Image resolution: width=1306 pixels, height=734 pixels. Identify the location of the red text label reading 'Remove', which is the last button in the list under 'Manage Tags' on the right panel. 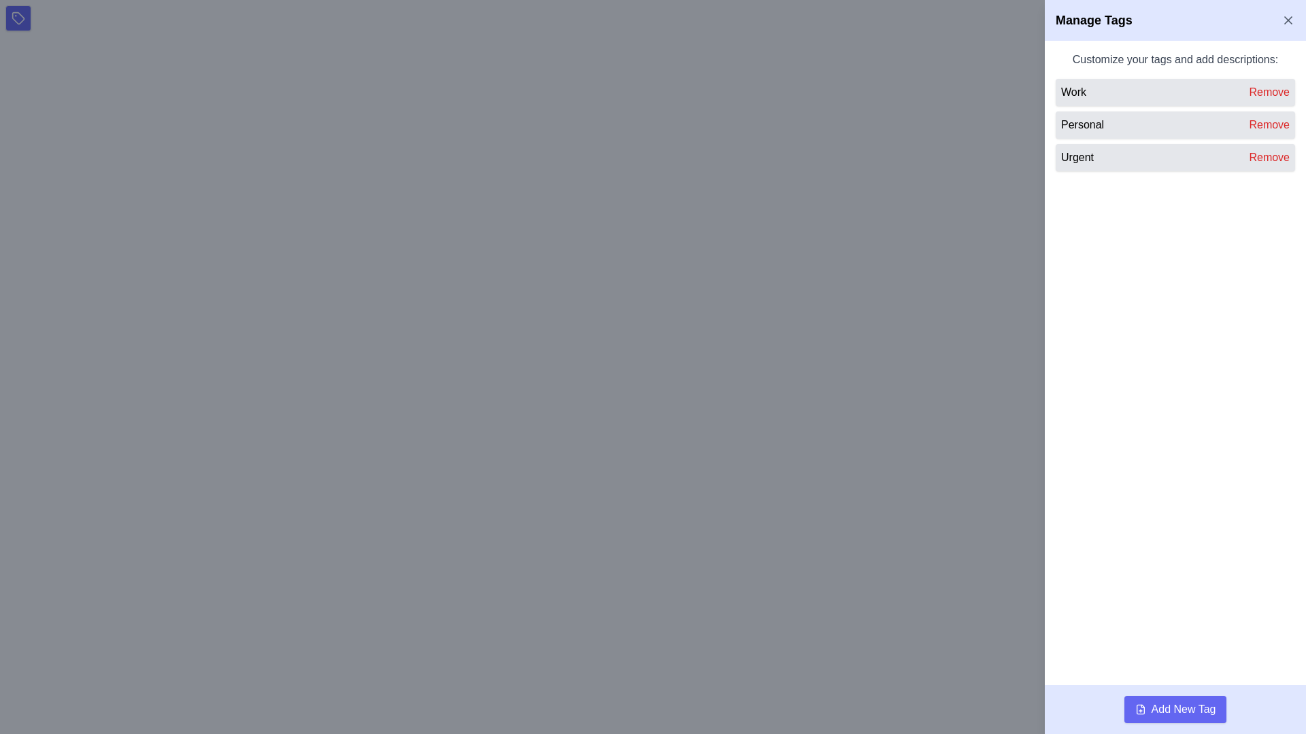
(1269, 156).